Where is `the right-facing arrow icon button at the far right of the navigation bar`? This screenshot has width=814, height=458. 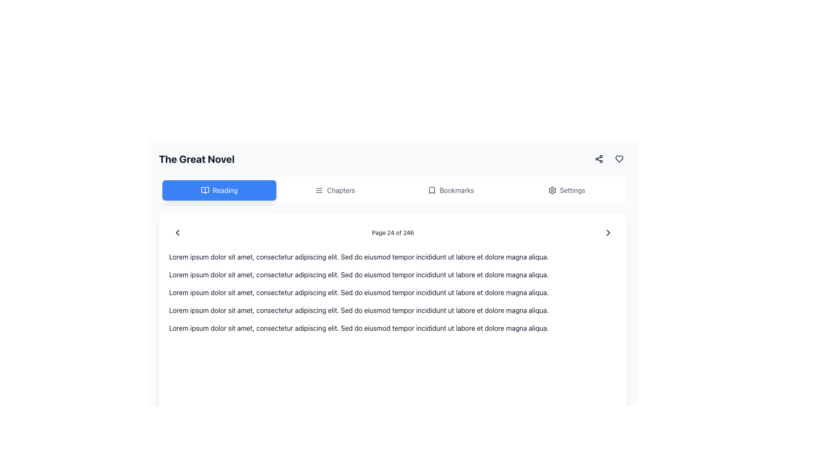 the right-facing arrow icon button at the far right of the navigation bar is located at coordinates (608, 232).